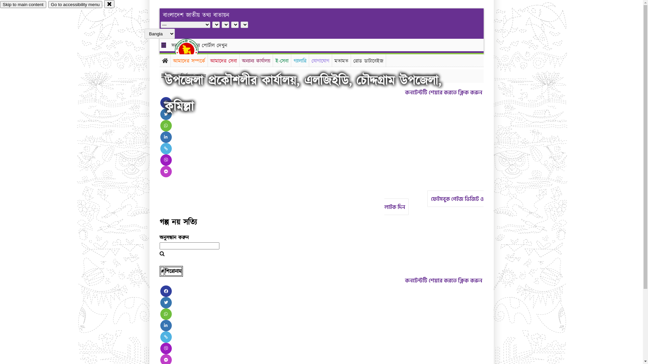 This screenshot has height=364, width=648. Describe the element at coordinates (23, 4) in the screenshot. I see `'Skip to main content'` at that location.